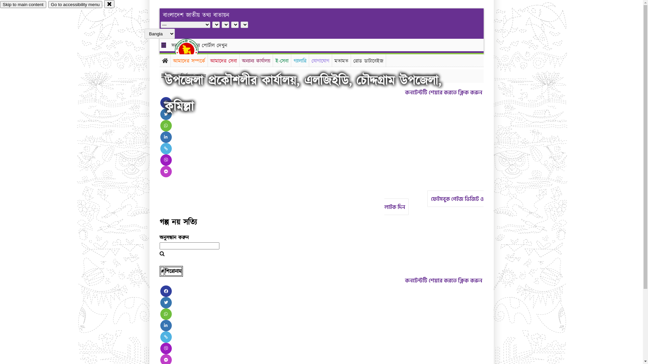 This screenshot has height=364, width=648. Describe the element at coordinates (23, 4) in the screenshot. I see `'Skip to main content'` at that location.